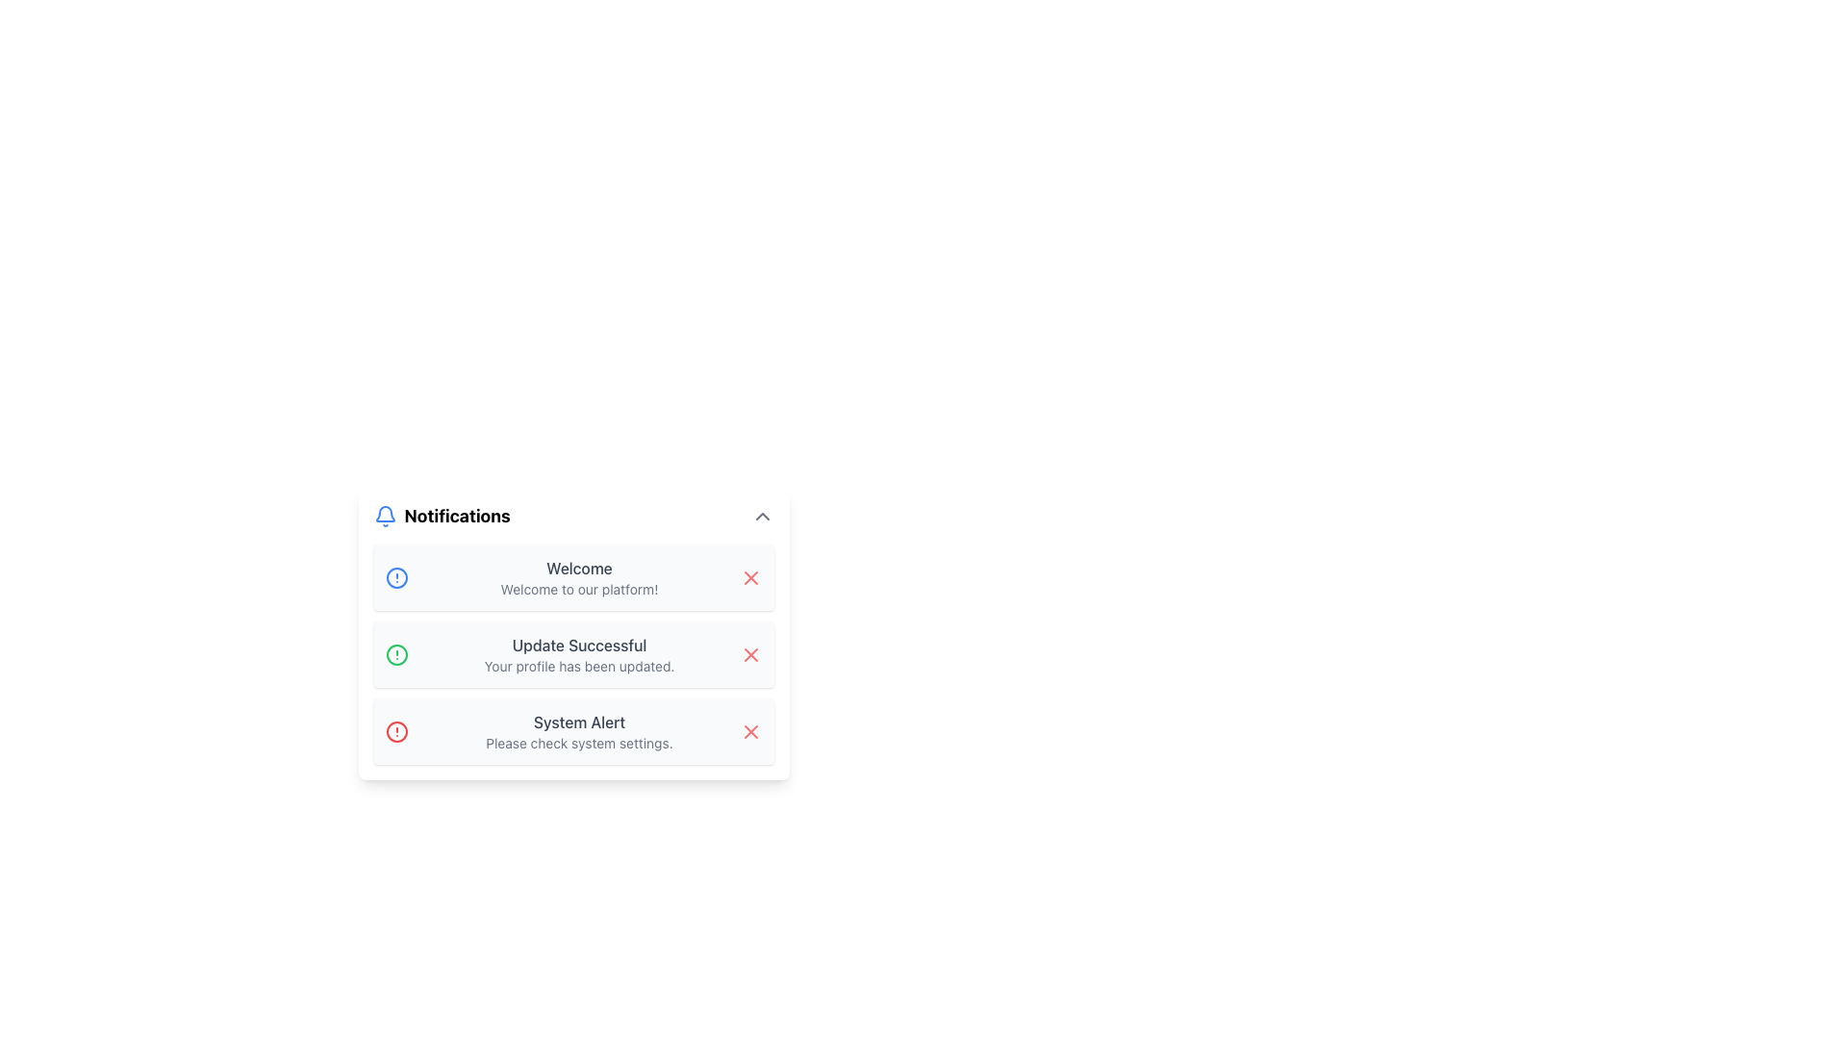 Image resolution: width=1847 pixels, height=1039 pixels. I want to click on properties of the close button located at the far right of the 'Update Successful' notification to dismiss it, so click(749, 654).